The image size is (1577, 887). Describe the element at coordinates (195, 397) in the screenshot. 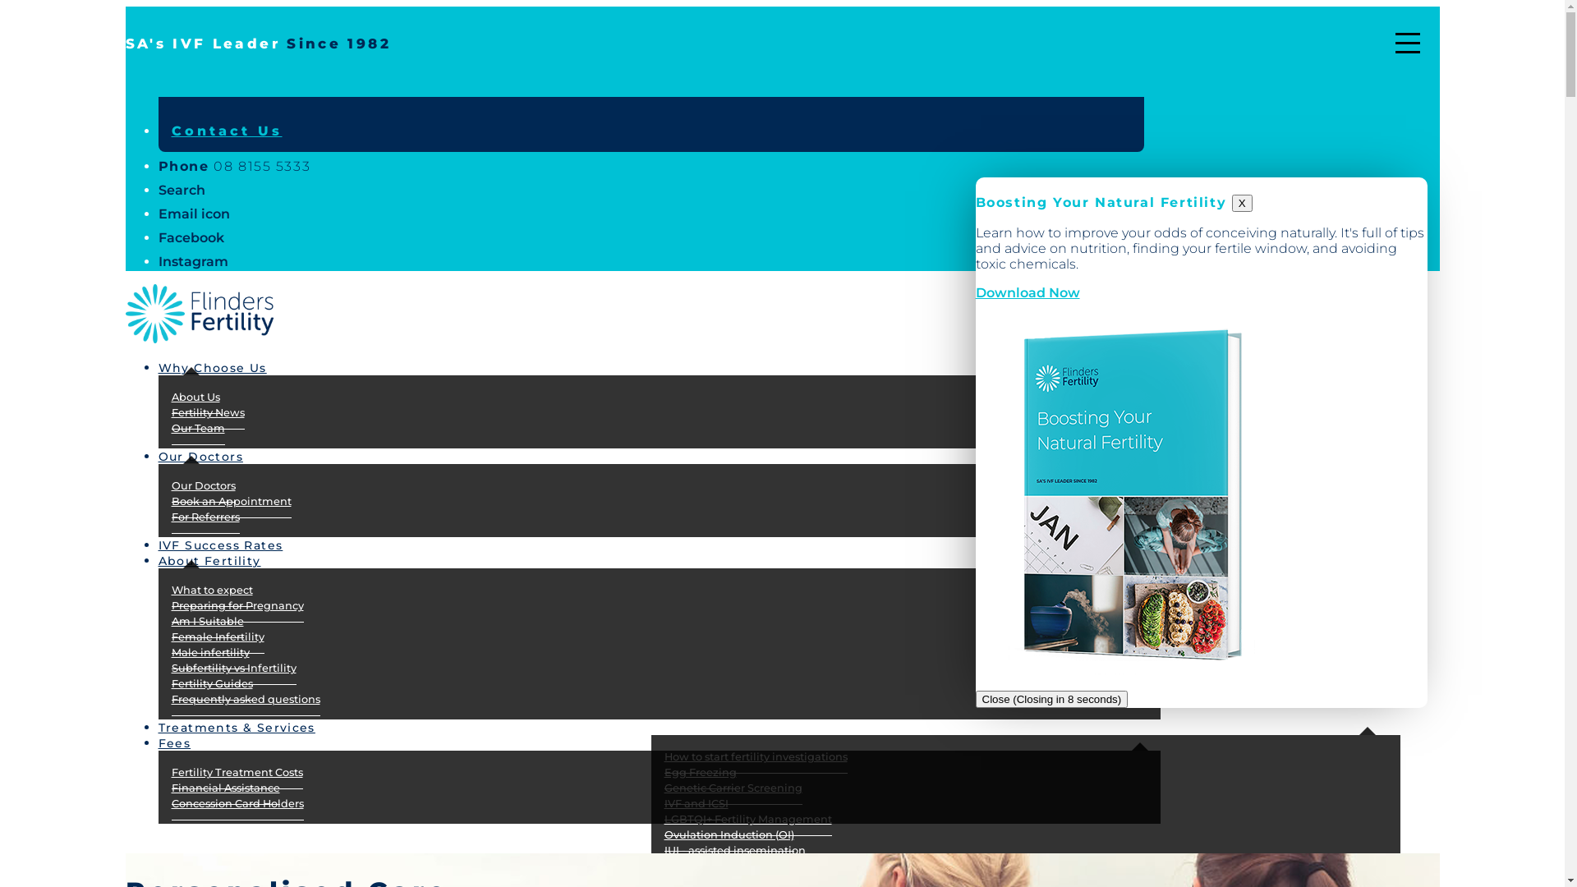

I see `'About Us'` at that location.